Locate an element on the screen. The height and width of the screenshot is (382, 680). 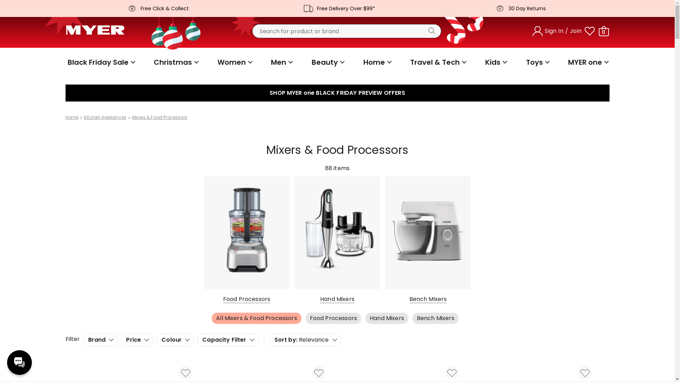
'Christmas' is located at coordinates (175, 62).